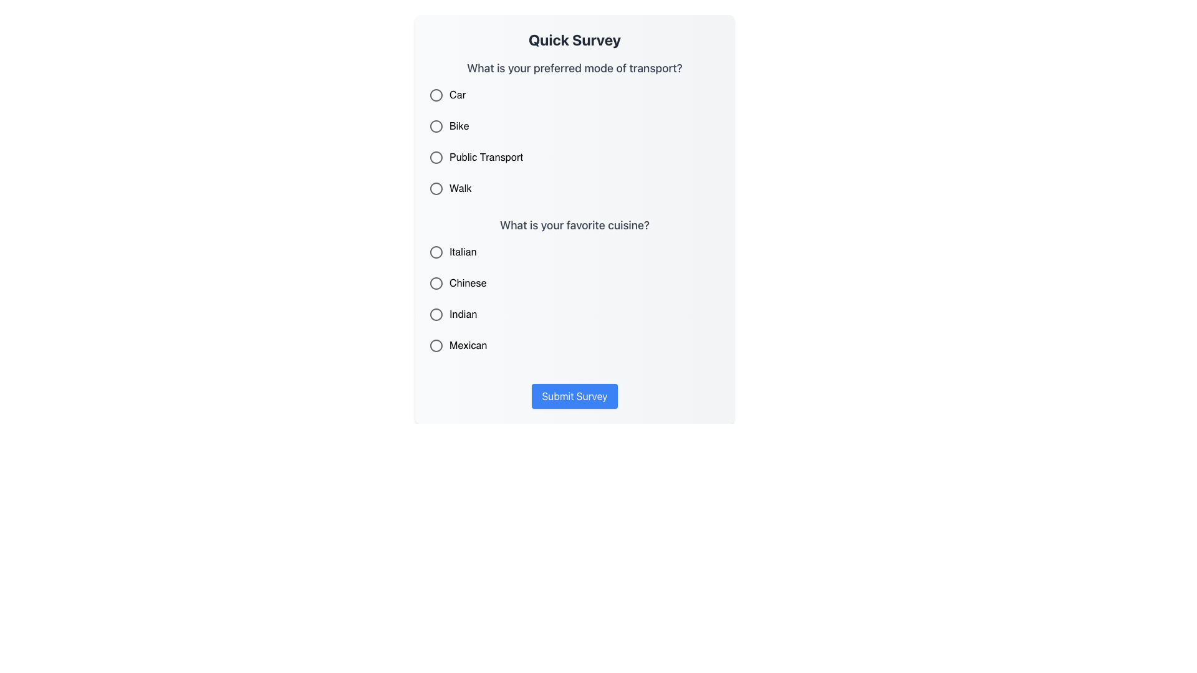 The width and height of the screenshot is (1197, 673). What do you see at coordinates (436, 346) in the screenshot?
I see `the 'Mexican' radio button in the survey form` at bounding box center [436, 346].